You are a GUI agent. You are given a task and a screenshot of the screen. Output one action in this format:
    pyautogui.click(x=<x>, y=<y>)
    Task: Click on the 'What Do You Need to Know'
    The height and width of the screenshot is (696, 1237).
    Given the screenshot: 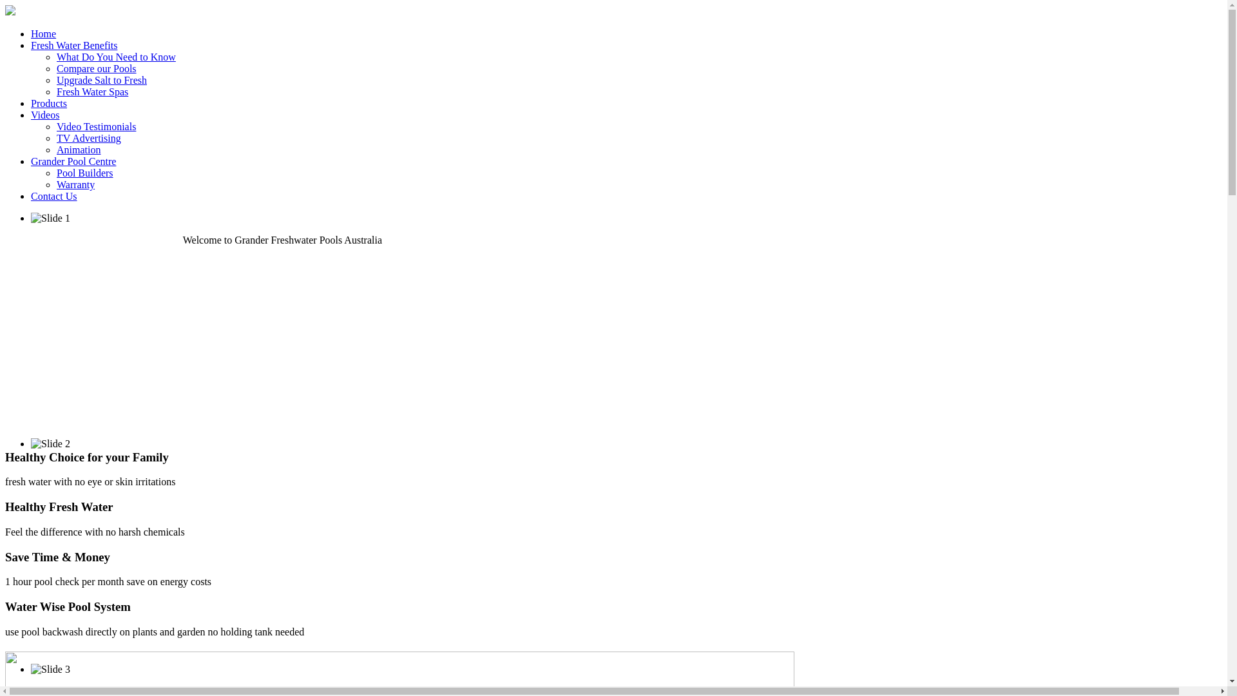 What is the action you would take?
    pyautogui.click(x=116, y=56)
    